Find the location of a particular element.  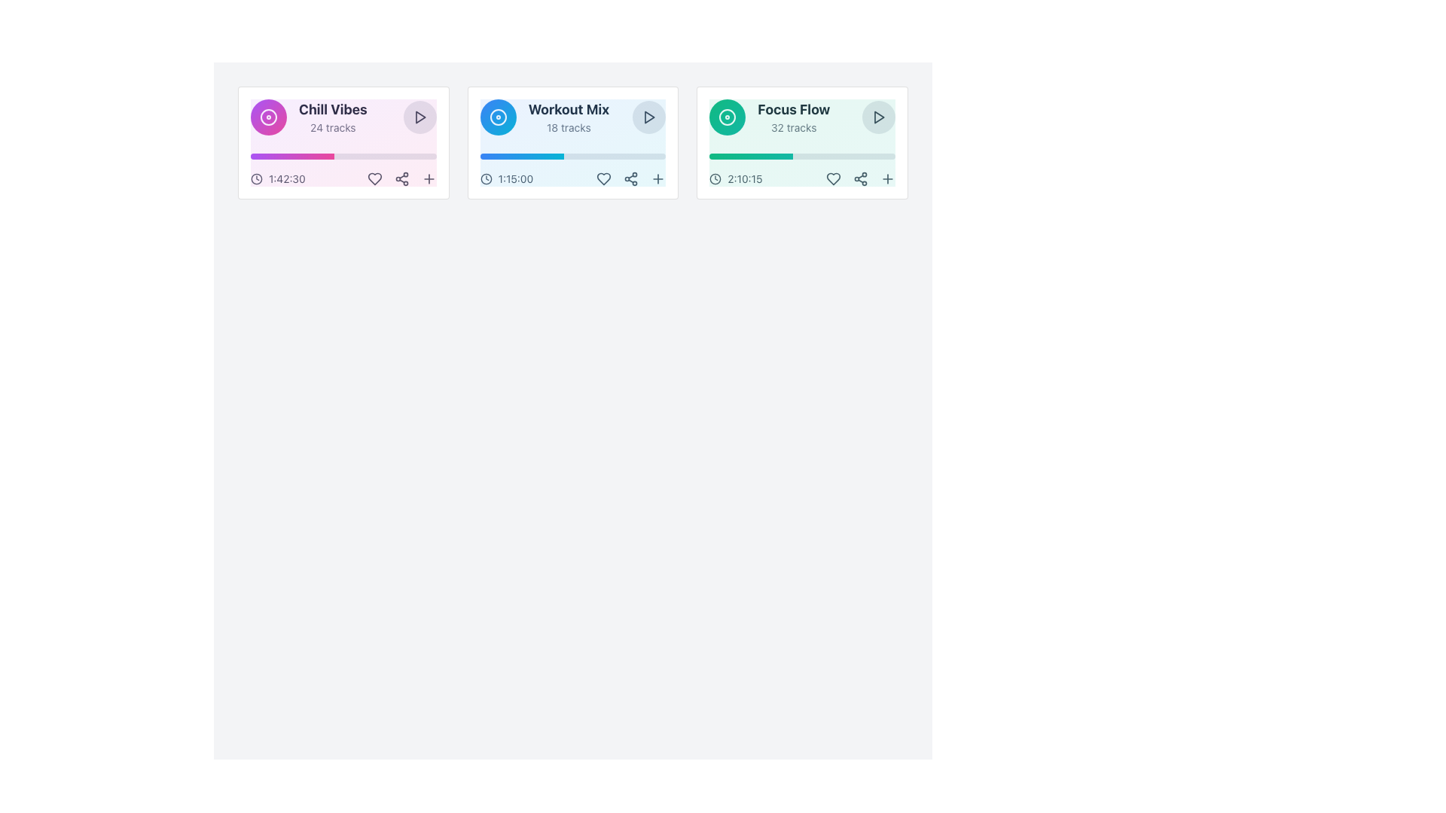

the circular decorative element with a gradient color transitioning from blue to cyan, located above the 'Workout Mix' text is located at coordinates (498, 116).